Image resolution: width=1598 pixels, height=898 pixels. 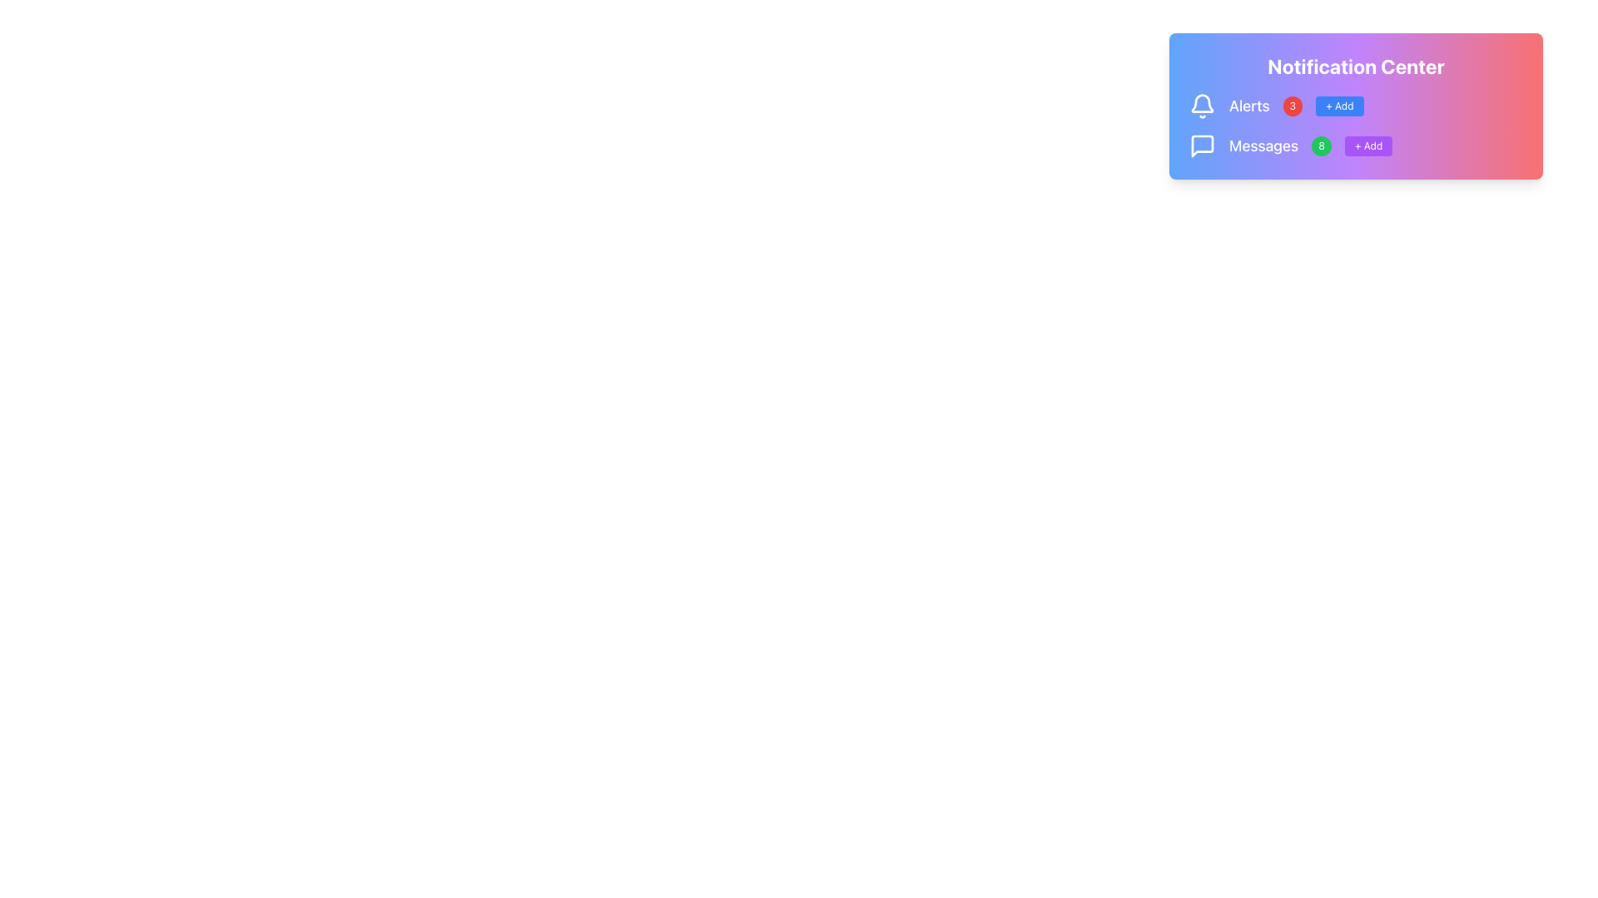 What do you see at coordinates (1263, 146) in the screenshot?
I see `the Text Label that indicates the messages section within the Notification Center, positioned between the messages icon and the green numeric badge` at bounding box center [1263, 146].